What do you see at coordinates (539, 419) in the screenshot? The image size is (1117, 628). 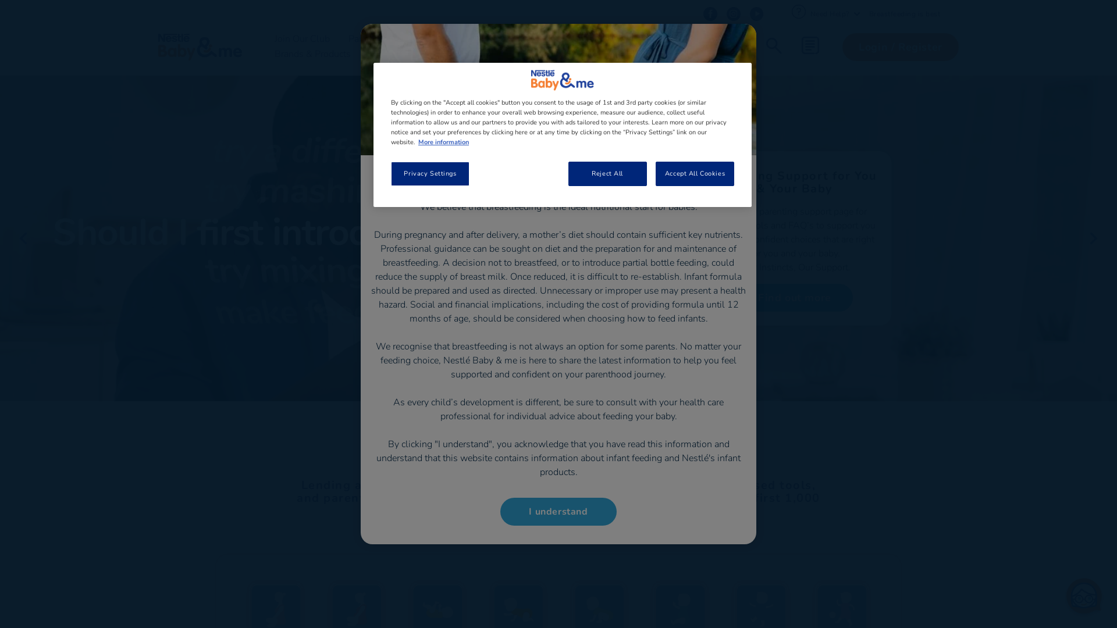 I see `'1'` at bounding box center [539, 419].